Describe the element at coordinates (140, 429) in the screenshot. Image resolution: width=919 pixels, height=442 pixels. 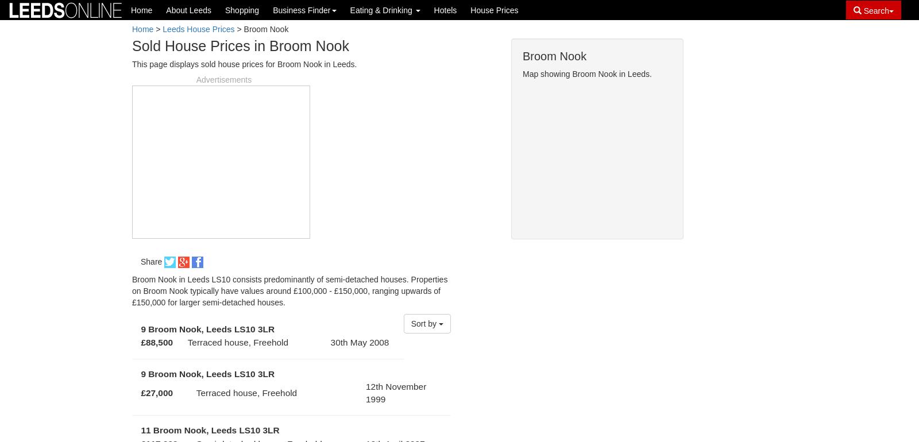
I see `'11 Broom Nook, Leeds LS10 3LR'` at that location.